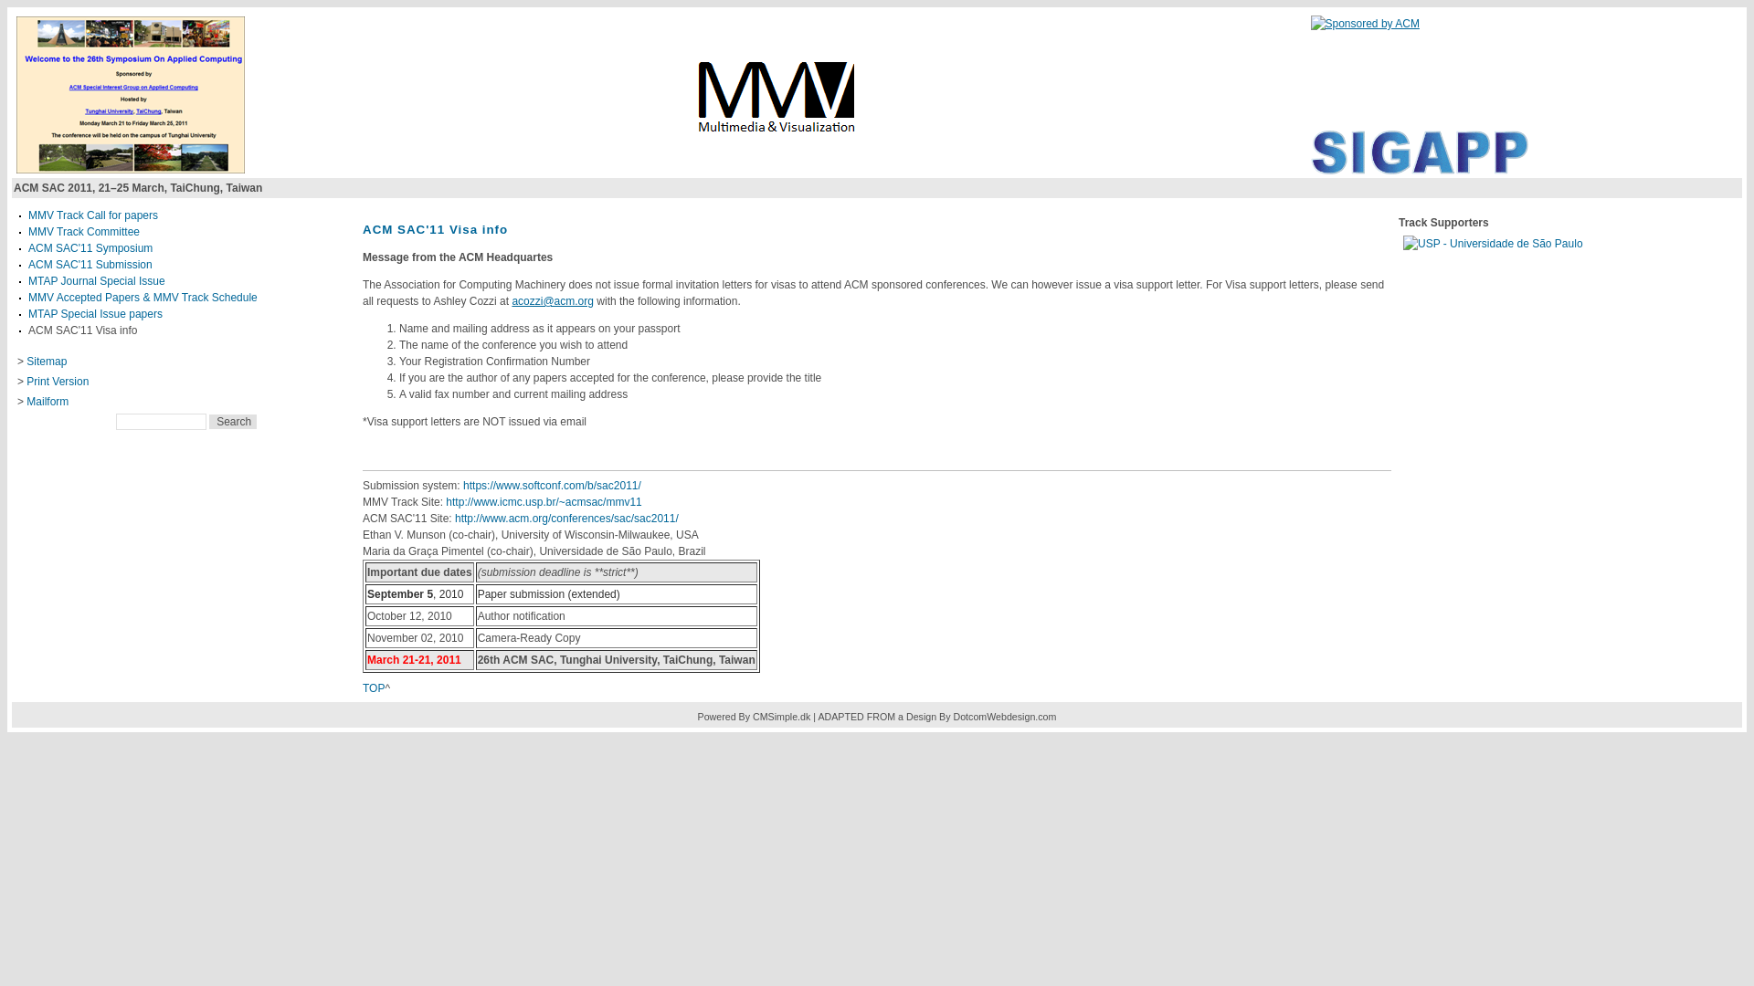 The width and height of the screenshot is (1754, 986). What do you see at coordinates (543, 502) in the screenshot?
I see `'http://www.icmc.usp.br/~acmsac/mmv11'` at bounding box center [543, 502].